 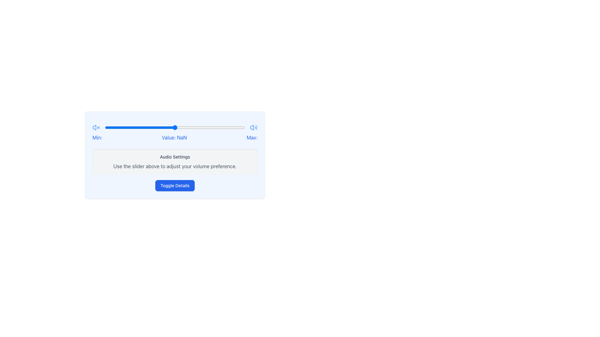 What do you see at coordinates (106, 127) in the screenshot?
I see `the slider` at bounding box center [106, 127].